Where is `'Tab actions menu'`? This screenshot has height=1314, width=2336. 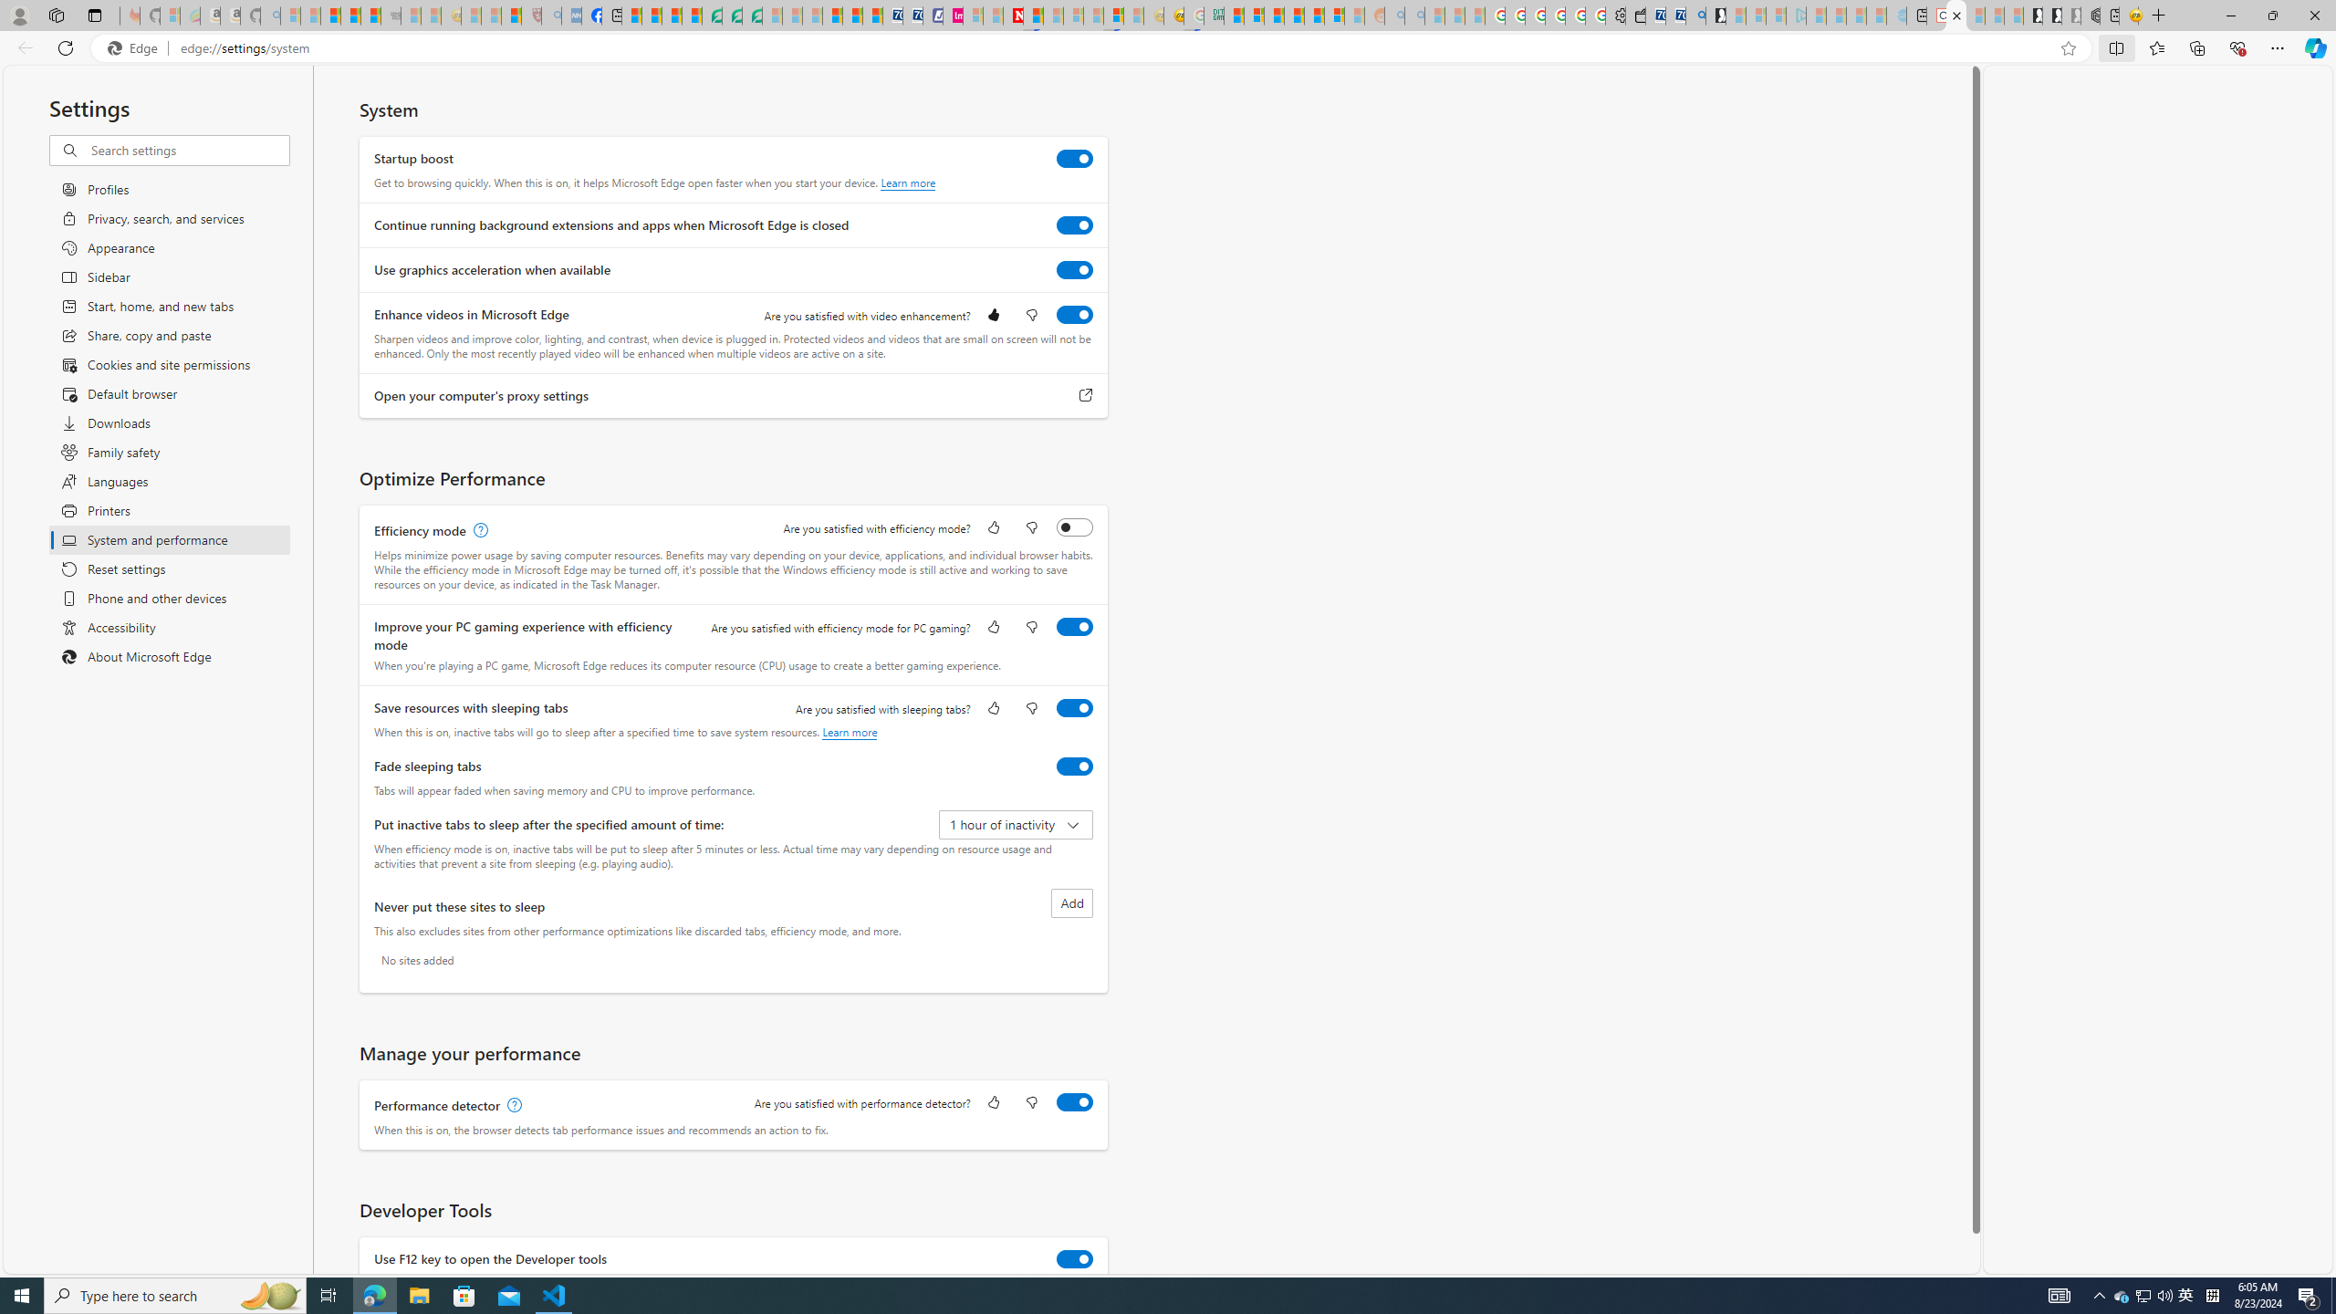 'Tab actions menu' is located at coordinates (93, 15).